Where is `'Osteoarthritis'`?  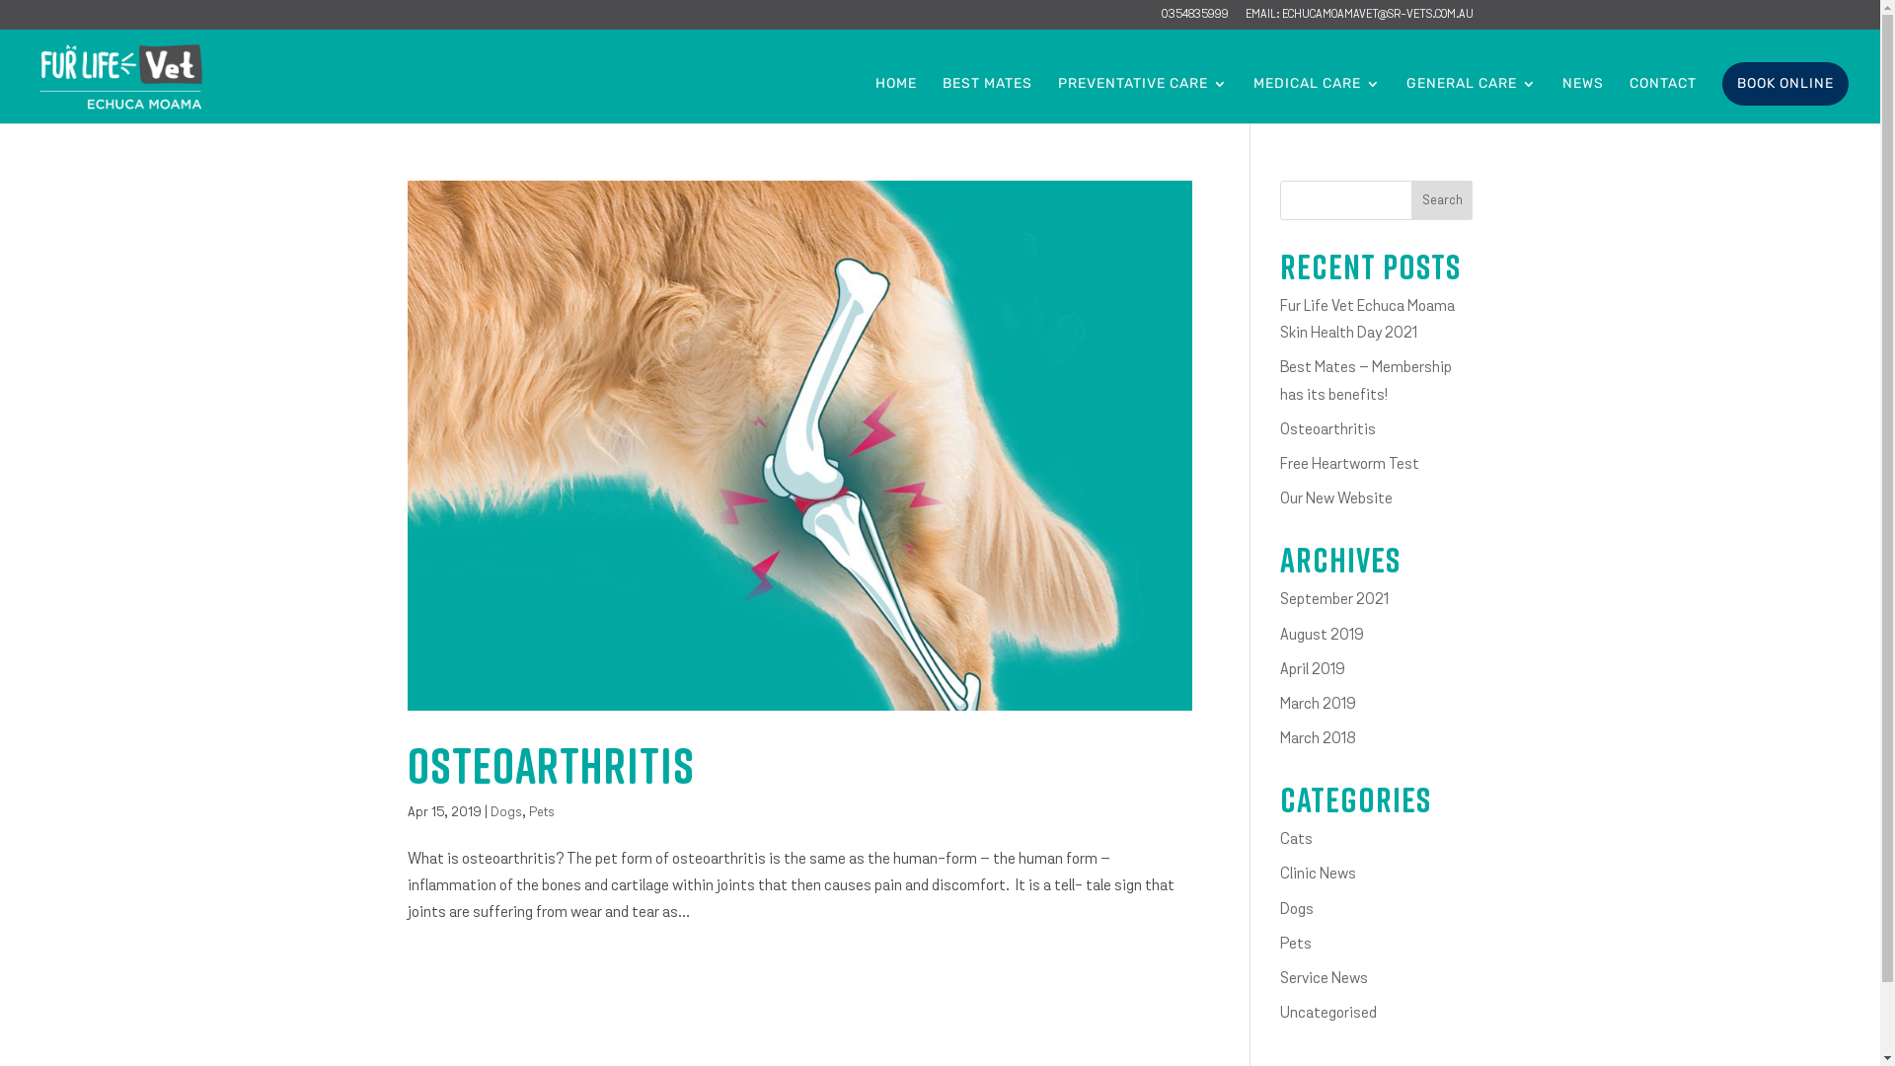 'Osteoarthritis' is located at coordinates (1327, 428).